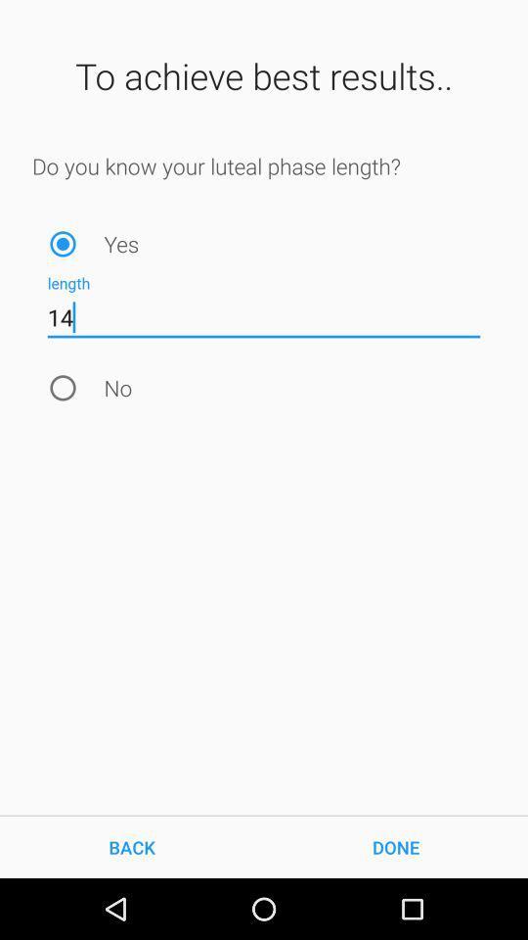 The image size is (528, 940). I want to click on the back icon, so click(132, 846).